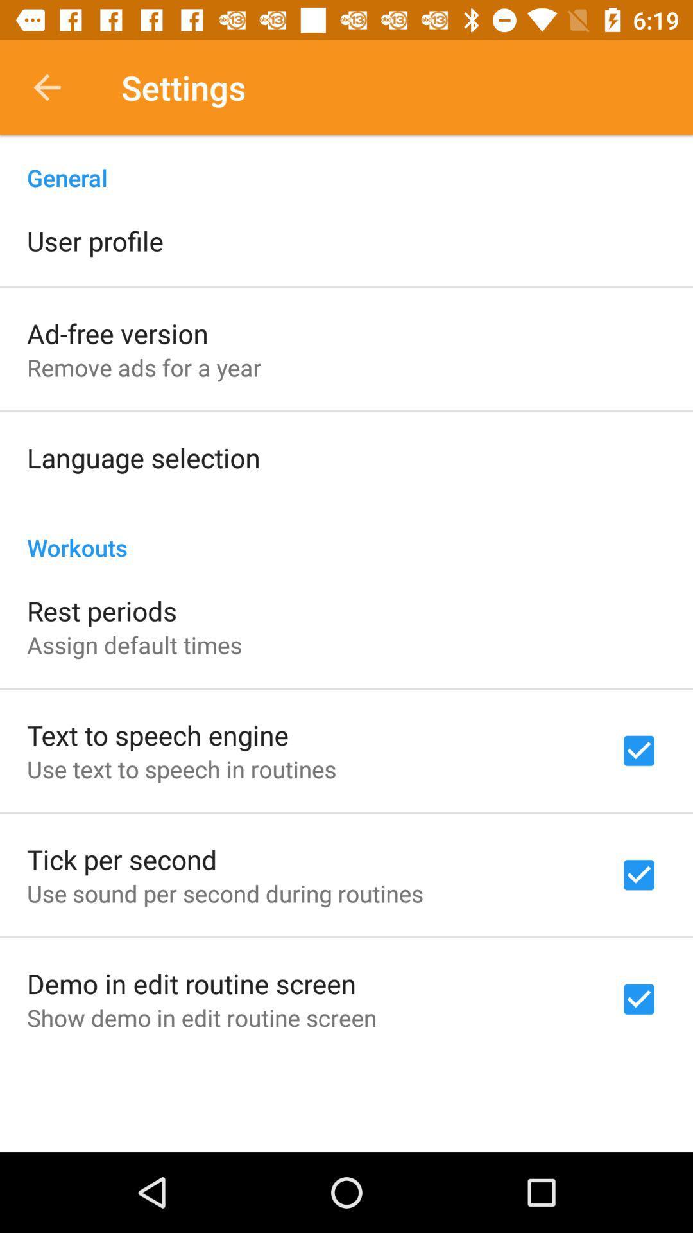  Describe the element at coordinates (143, 457) in the screenshot. I see `the language selection` at that location.